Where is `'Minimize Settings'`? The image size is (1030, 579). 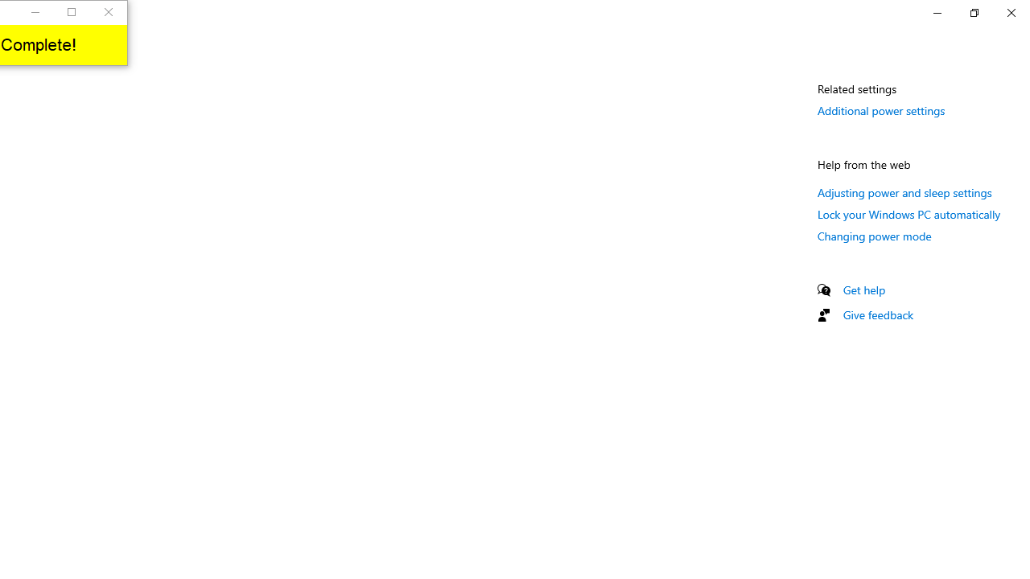 'Minimize Settings' is located at coordinates (937, 12).